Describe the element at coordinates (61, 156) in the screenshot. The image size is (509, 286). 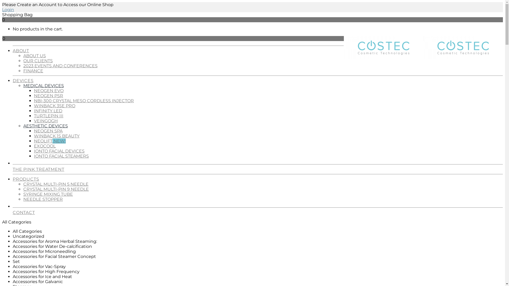
I see `'IONTO FACIAL STEAMERS'` at that location.